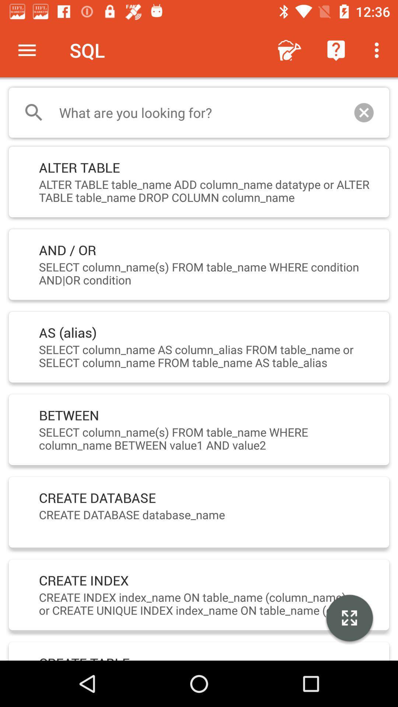  I want to click on item to the left of the sql icon, so click(27, 50).